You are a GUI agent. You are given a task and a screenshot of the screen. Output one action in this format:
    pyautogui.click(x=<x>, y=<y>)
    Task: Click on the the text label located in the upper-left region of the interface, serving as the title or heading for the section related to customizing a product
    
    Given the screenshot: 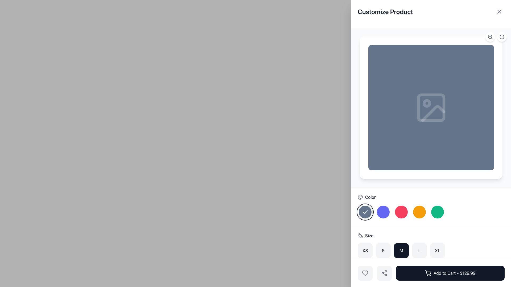 What is the action you would take?
    pyautogui.click(x=385, y=11)
    